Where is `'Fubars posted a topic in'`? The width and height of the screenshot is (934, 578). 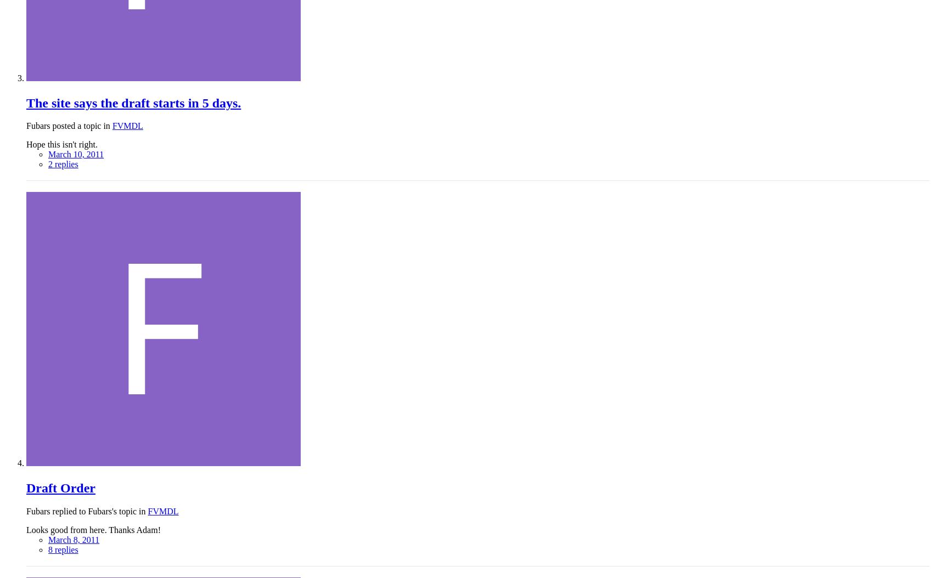
'Fubars posted a topic in' is located at coordinates (69, 126).